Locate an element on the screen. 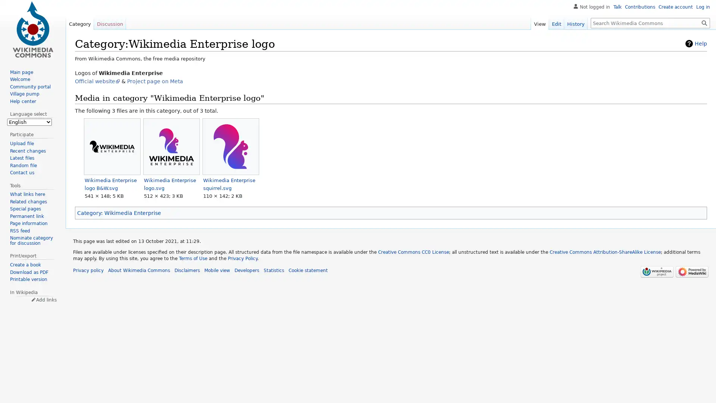 The image size is (716, 403). Good pictures is located at coordinates (635, 43).